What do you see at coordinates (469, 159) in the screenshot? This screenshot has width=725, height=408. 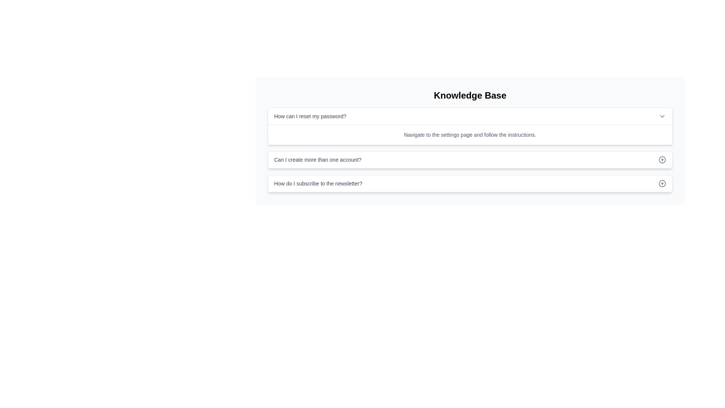 I see `the second Collapsible List Item` at bounding box center [469, 159].